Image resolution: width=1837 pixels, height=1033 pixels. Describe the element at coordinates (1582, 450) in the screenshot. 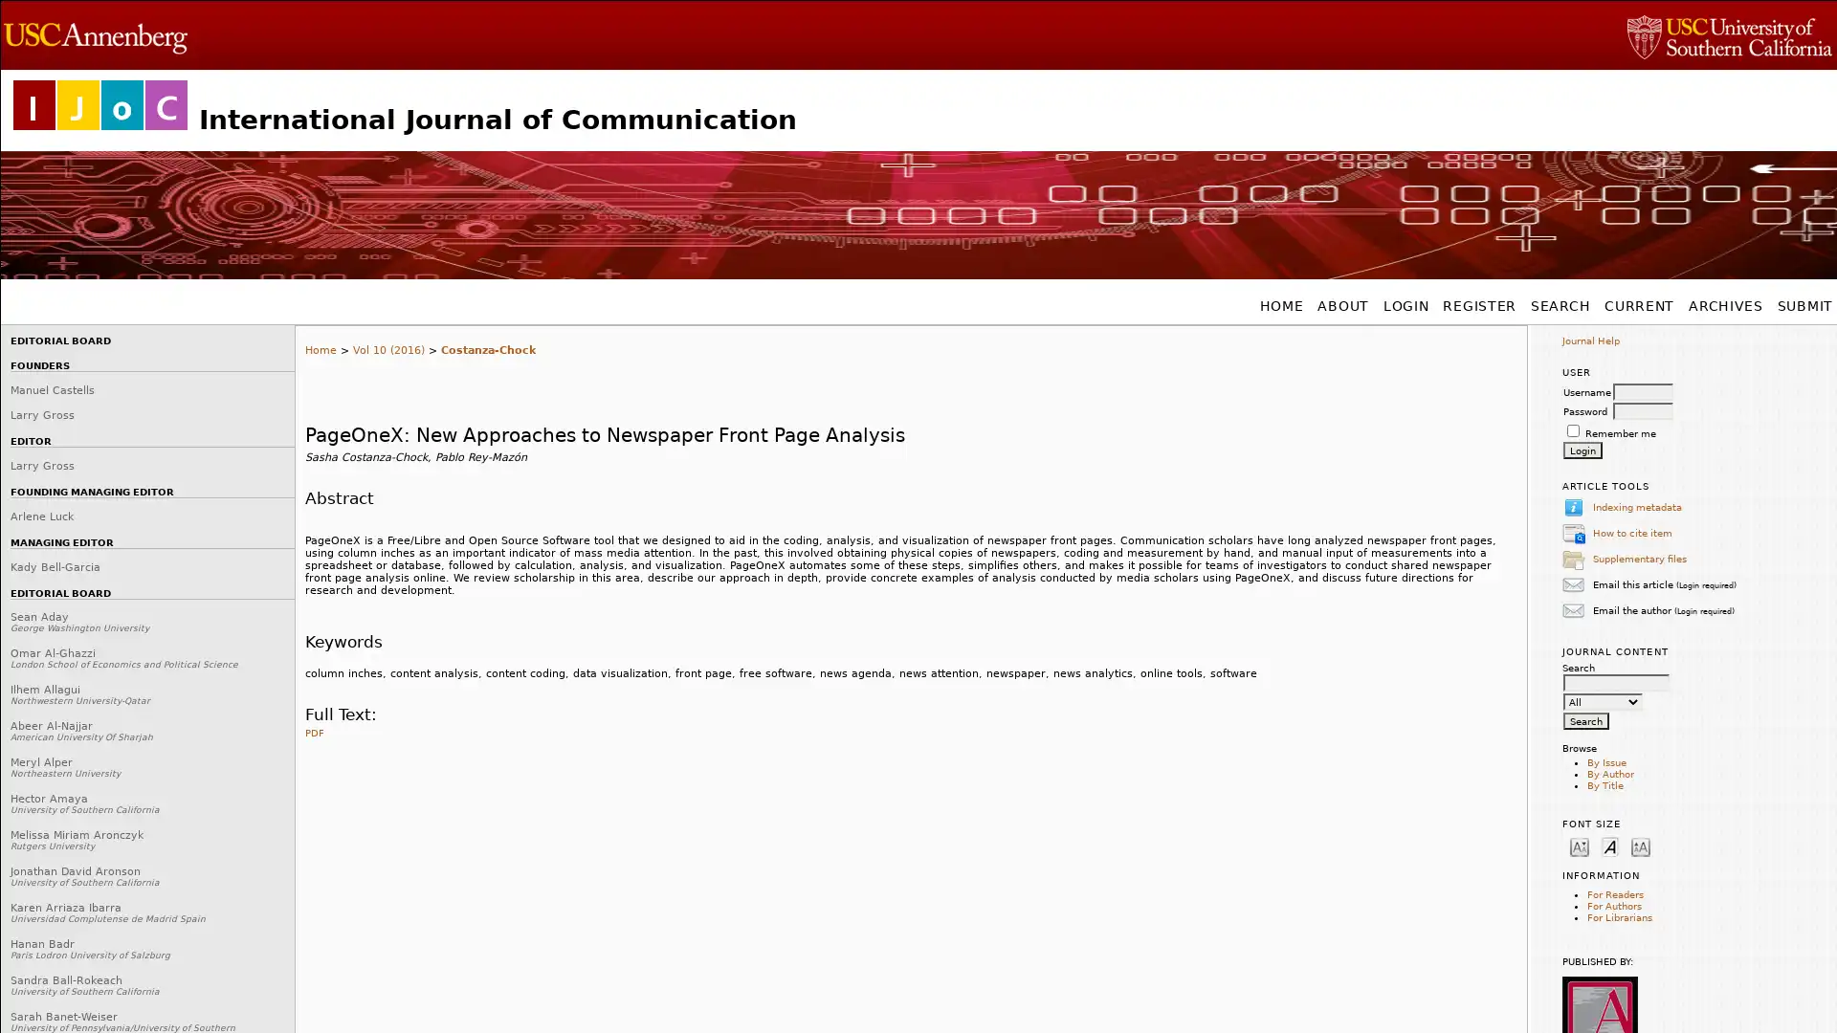

I see `Login` at that location.